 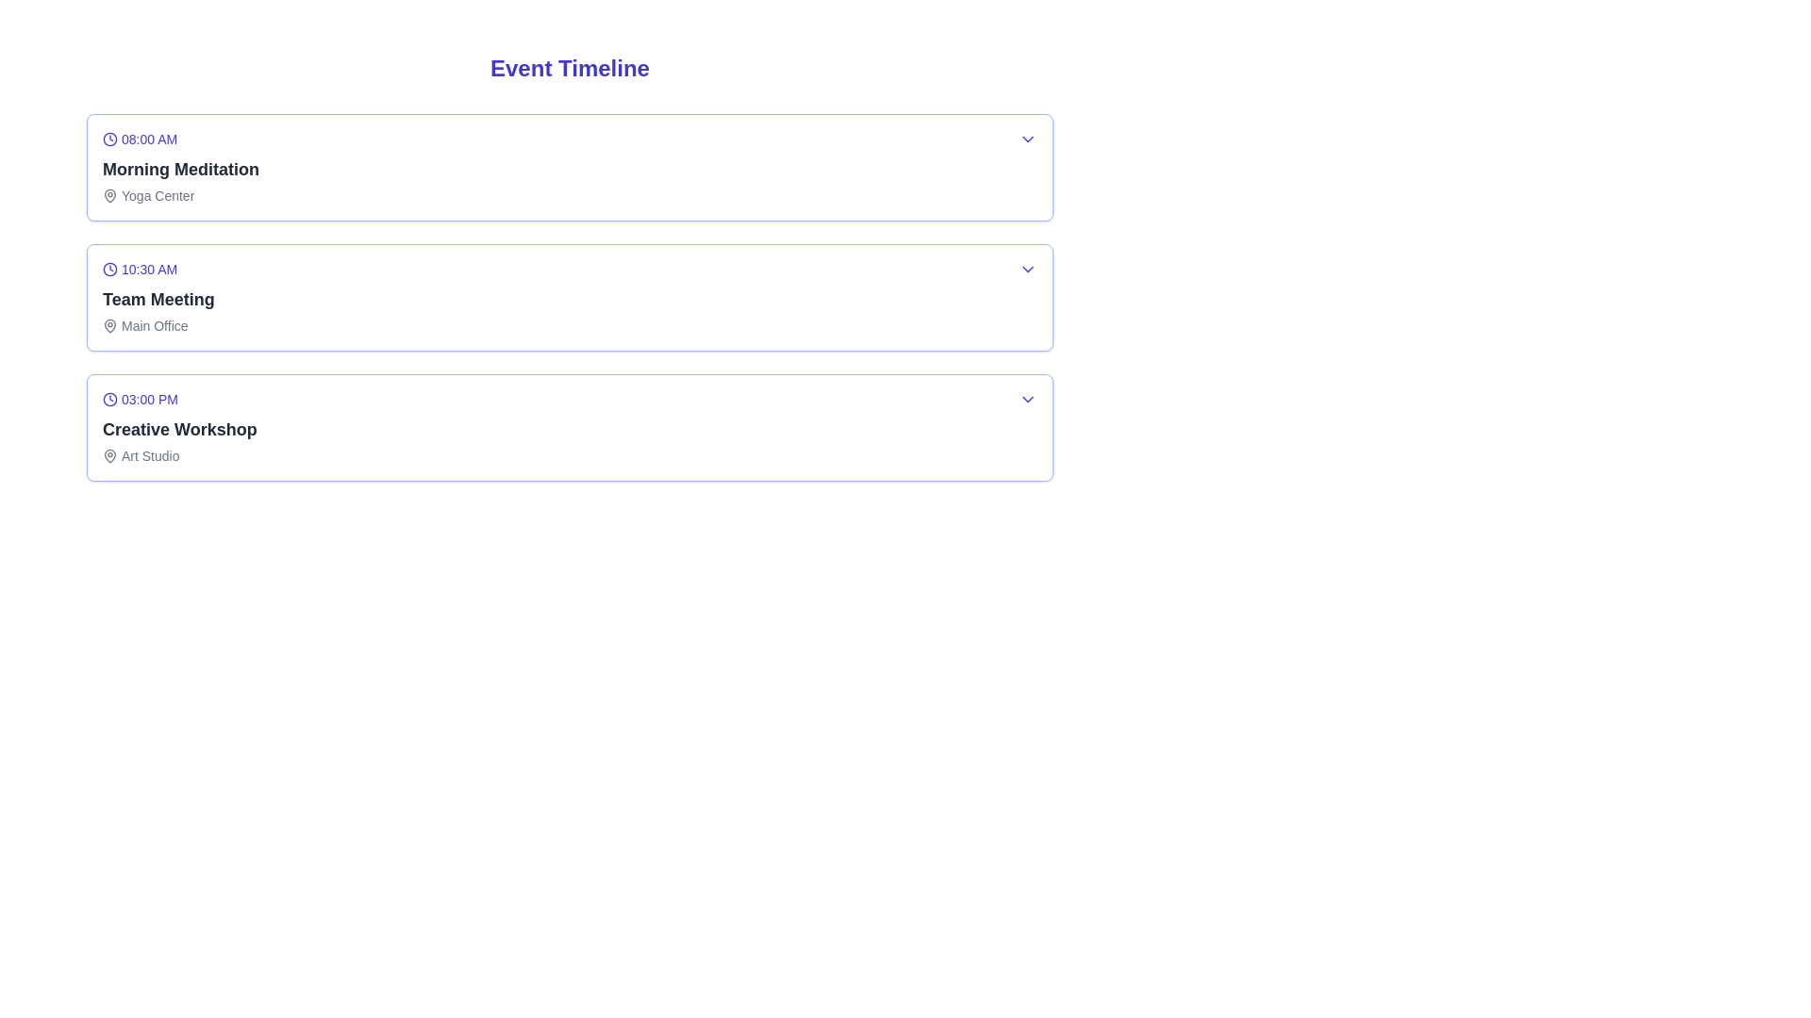 What do you see at coordinates (181, 166) in the screenshot?
I see `the 'Morning Meditation' event information block, which includes a timestamp, title, and location indicator` at bounding box center [181, 166].